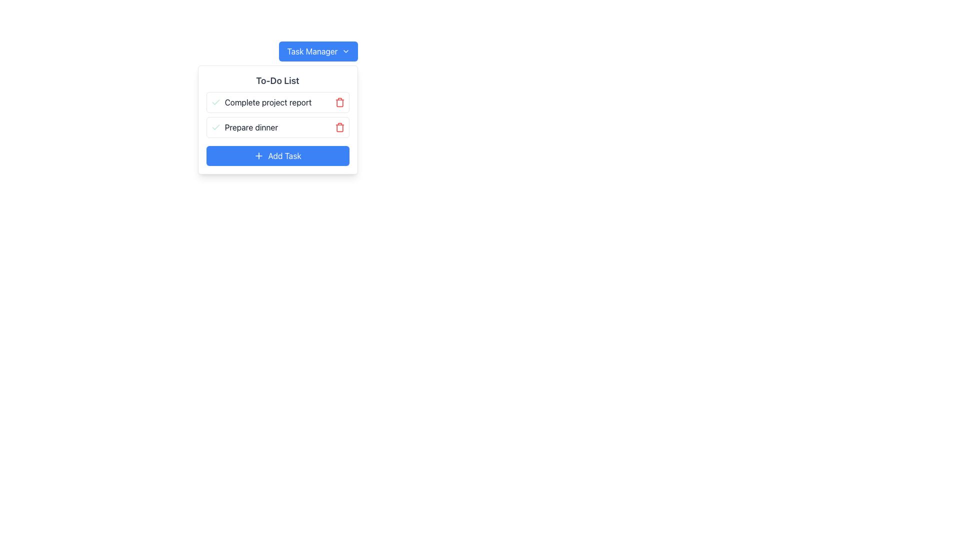 This screenshot has height=540, width=960. Describe the element at coordinates (339, 102) in the screenshot. I see `the delete button located at the rightmost side of the row displaying 'Complete project report'` at that location.